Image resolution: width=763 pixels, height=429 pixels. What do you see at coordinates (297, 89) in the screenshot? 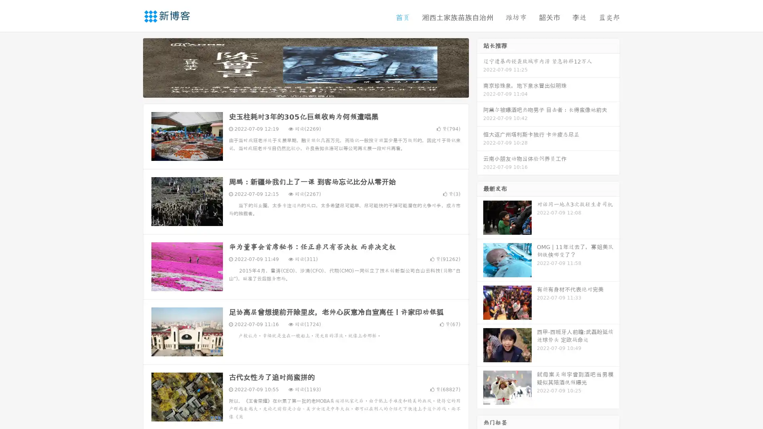
I see `Go to slide 1` at bounding box center [297, 89].